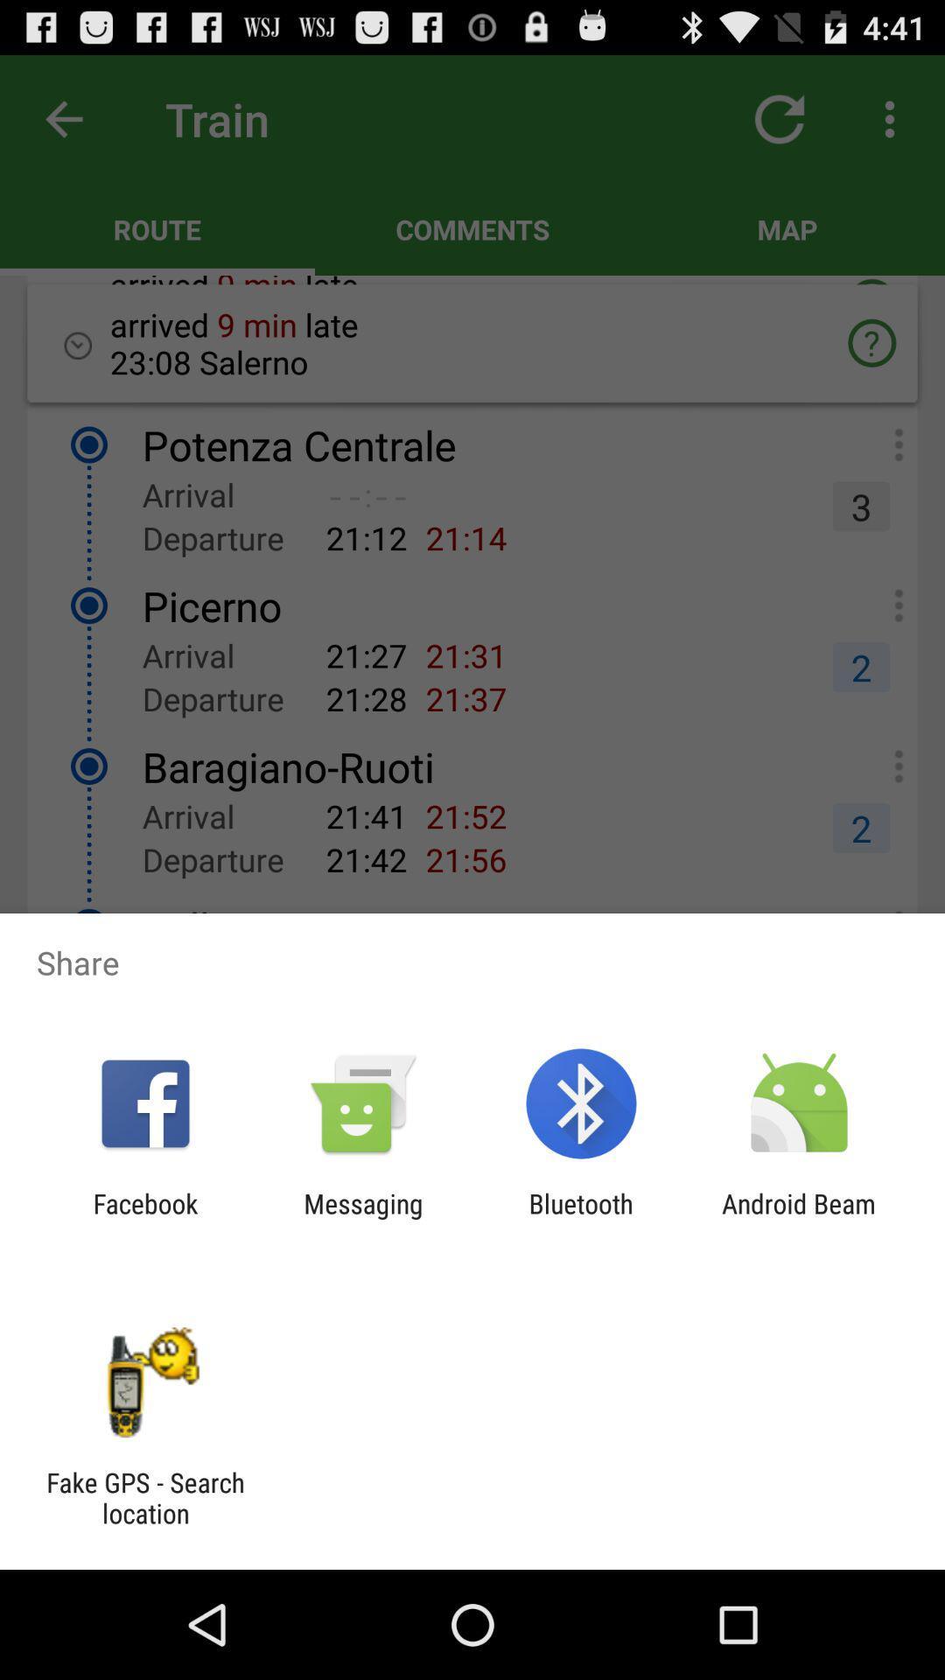  I want to click on the icon next to bluetooth icon, so click(362, 1218).